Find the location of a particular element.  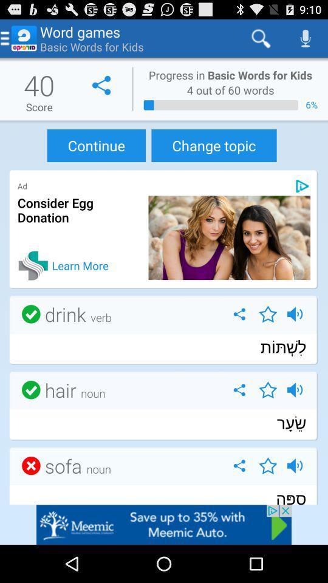

advertisement is located at coordinates (301, 186).